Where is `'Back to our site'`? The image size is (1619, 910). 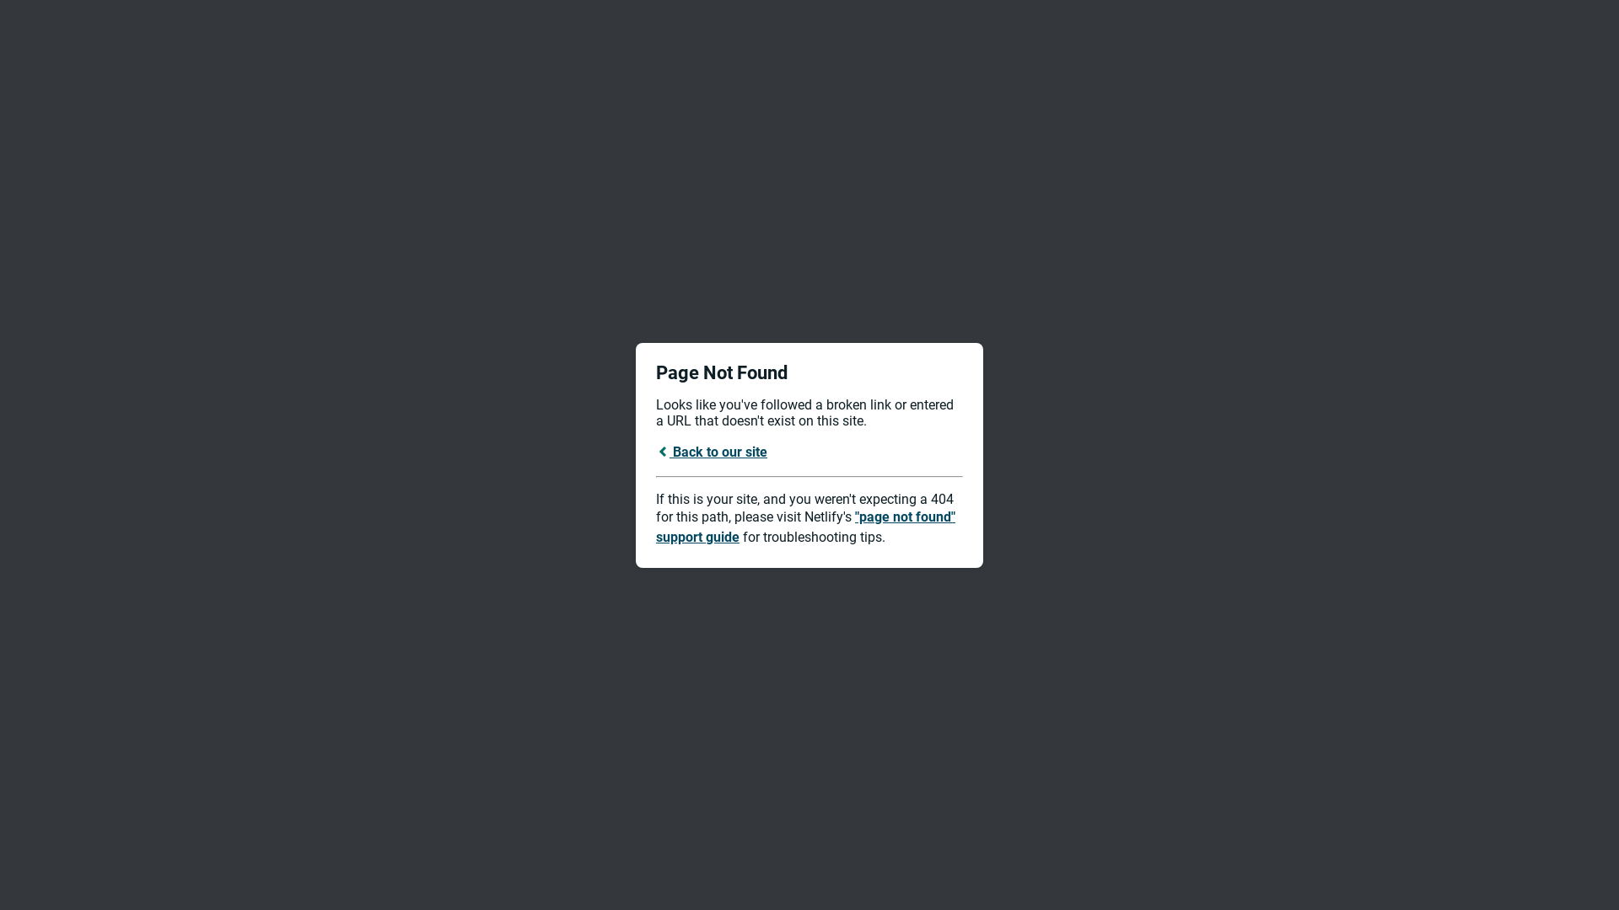
'Back to our site' is located at coordinates (712, 450).